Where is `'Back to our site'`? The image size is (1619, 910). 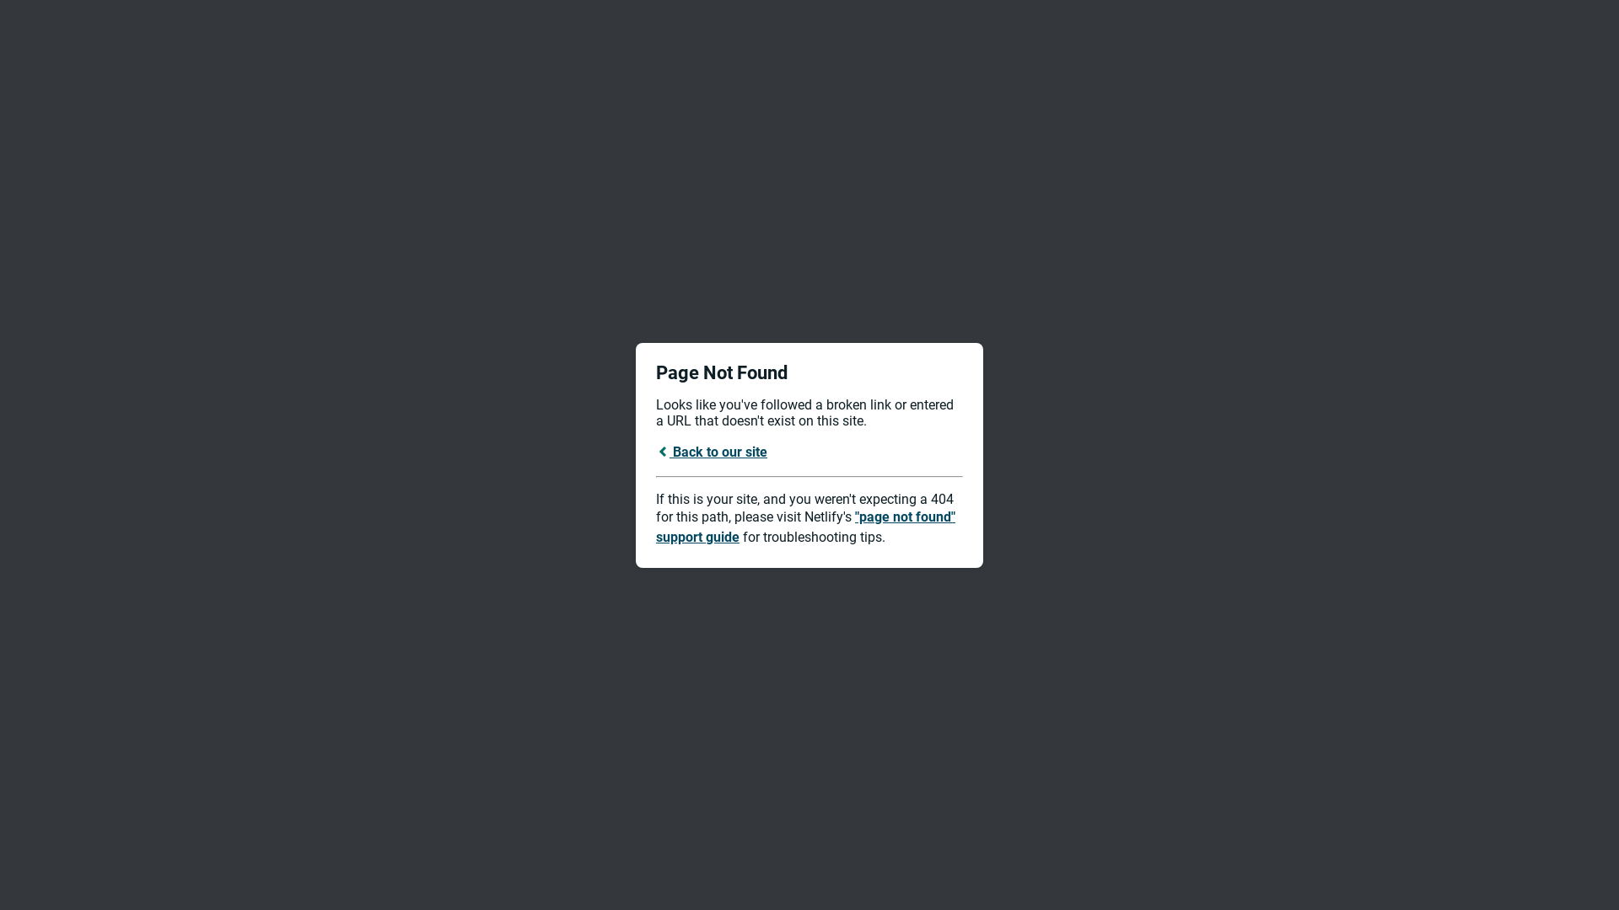
'Back to our site' is located at coordinates (712, 450).